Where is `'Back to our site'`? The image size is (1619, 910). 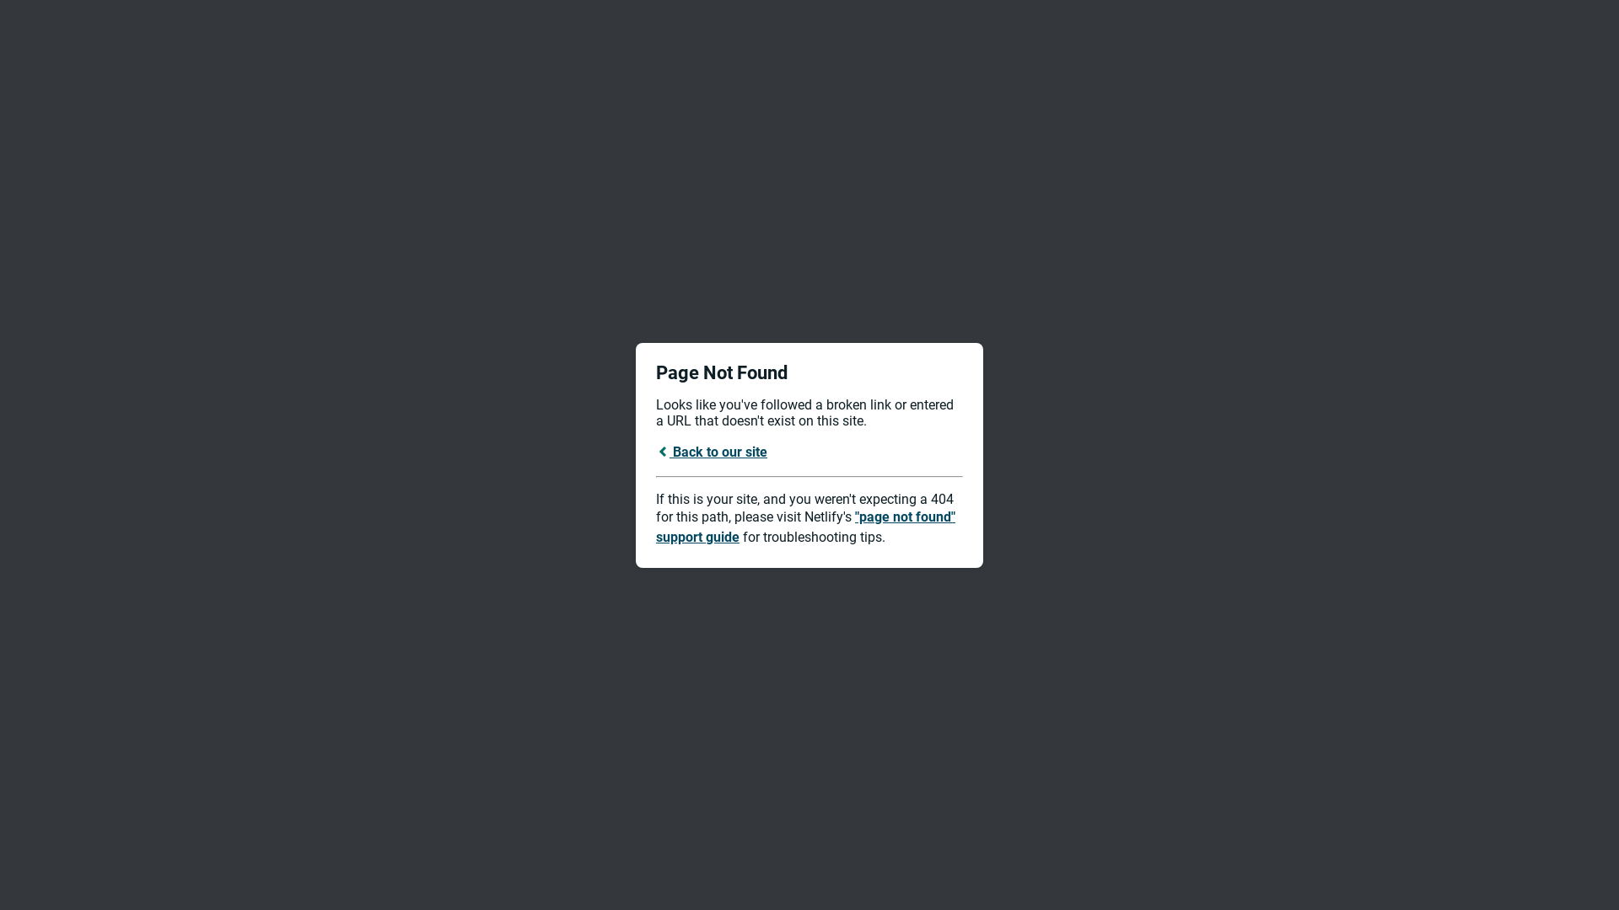
'Back to our site' is located at coordinates (712, 450).